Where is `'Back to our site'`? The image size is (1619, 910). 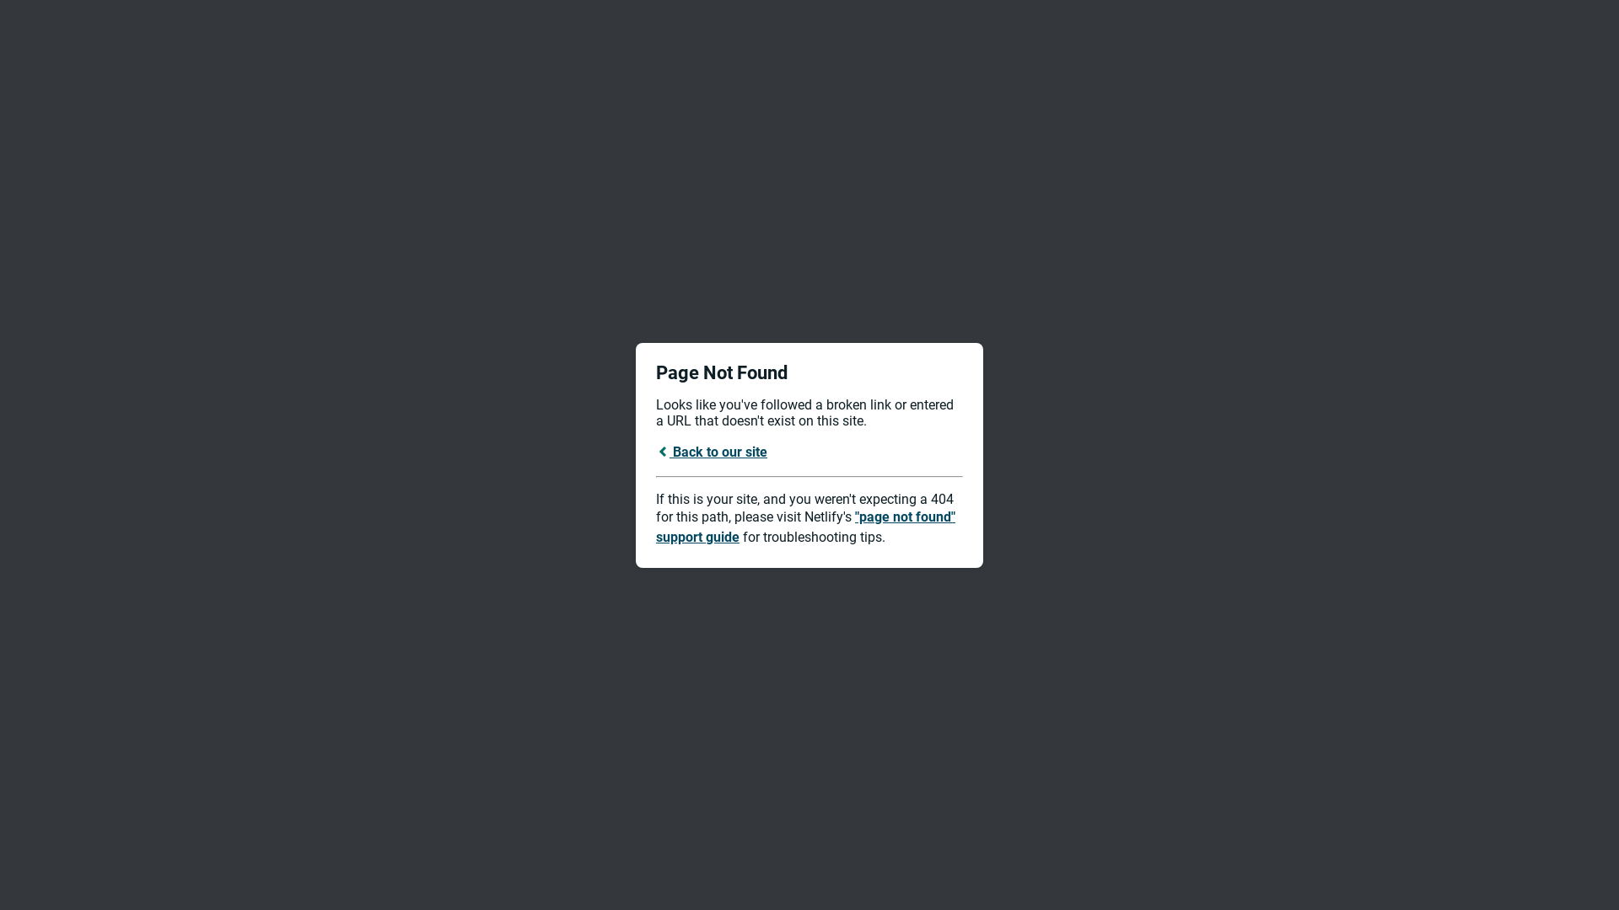
'Back to our site' is located at coordinates (712, 450).